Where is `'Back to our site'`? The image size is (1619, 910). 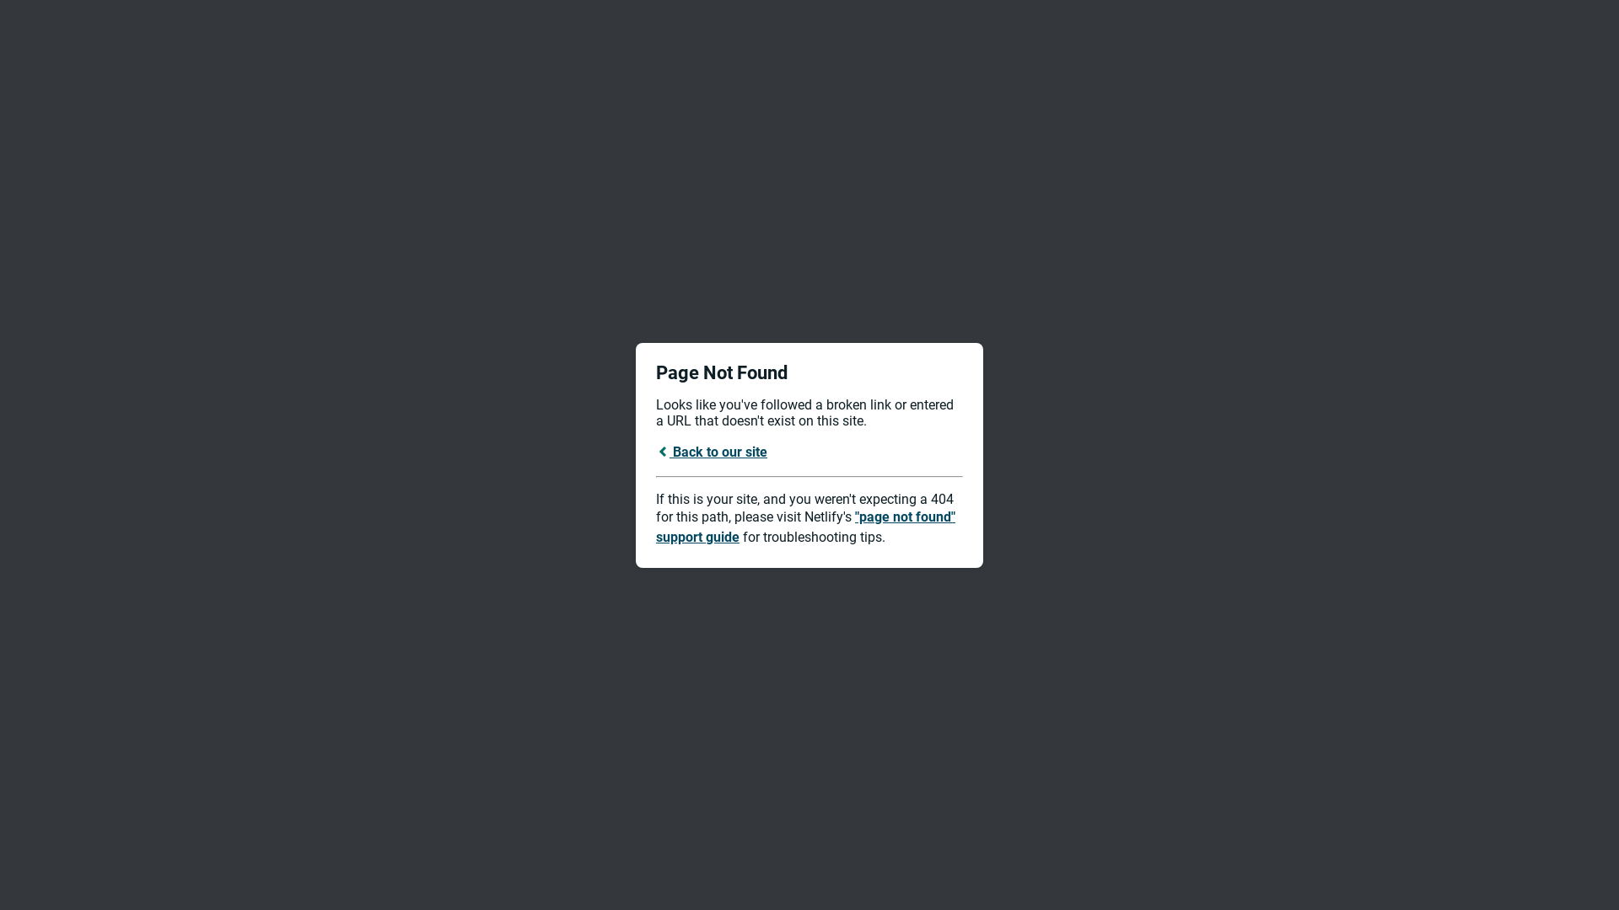
'Back to our site' is located at coordinates (712, 450).